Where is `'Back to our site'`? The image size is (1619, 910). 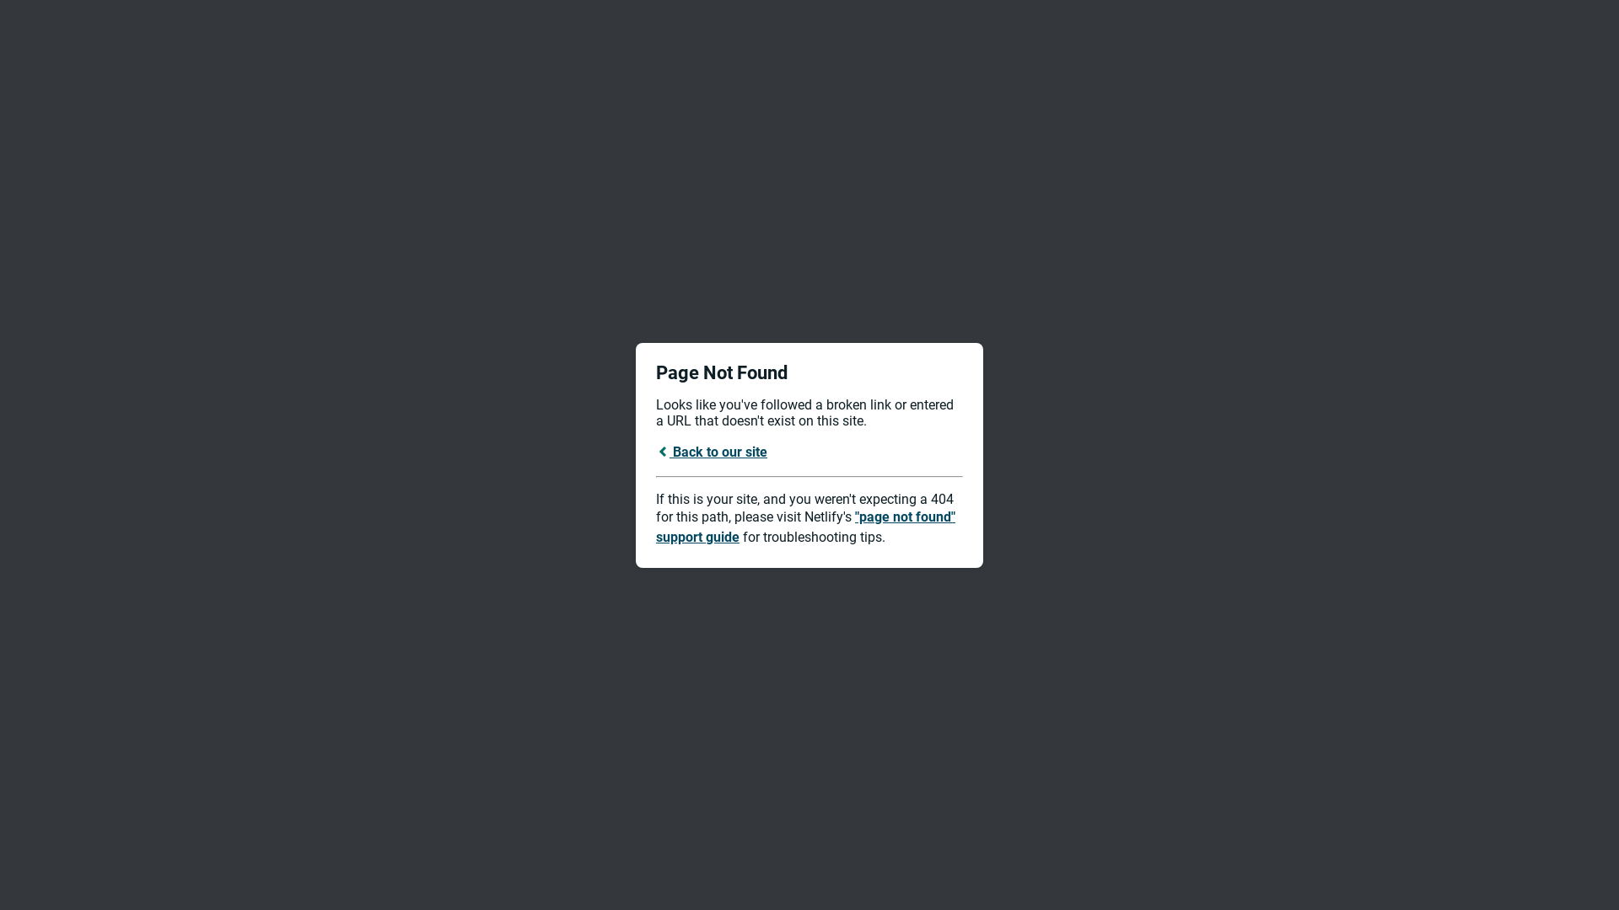
'Back to our site' is located at coordinates (712, 450).